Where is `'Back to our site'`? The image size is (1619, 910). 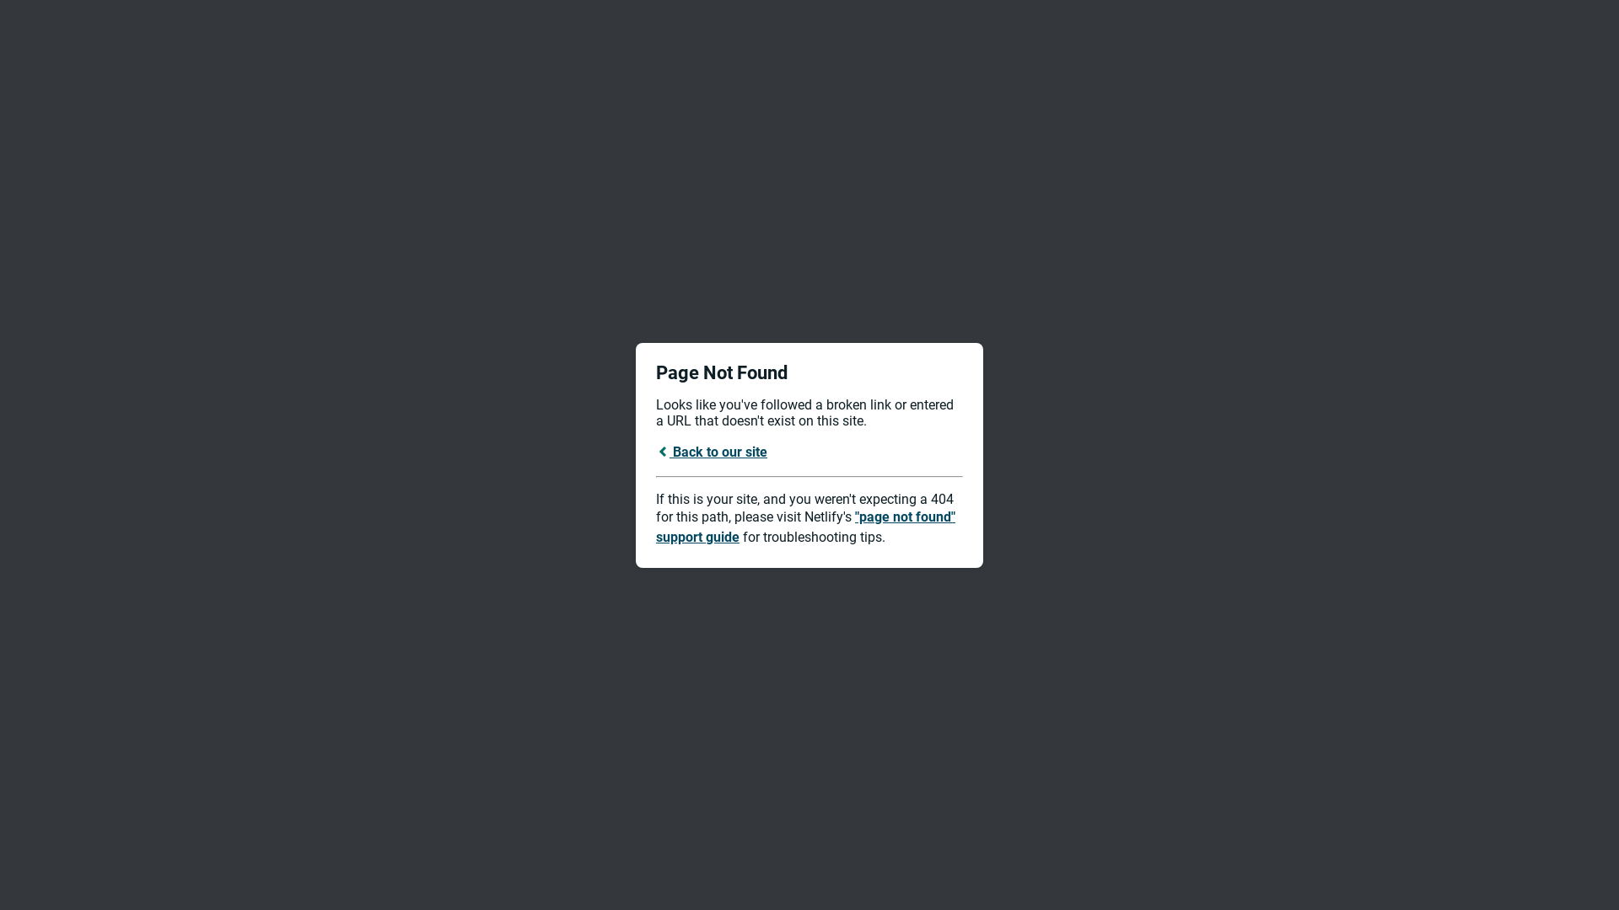
'Back to our site' is located at coordinates (712, 450).